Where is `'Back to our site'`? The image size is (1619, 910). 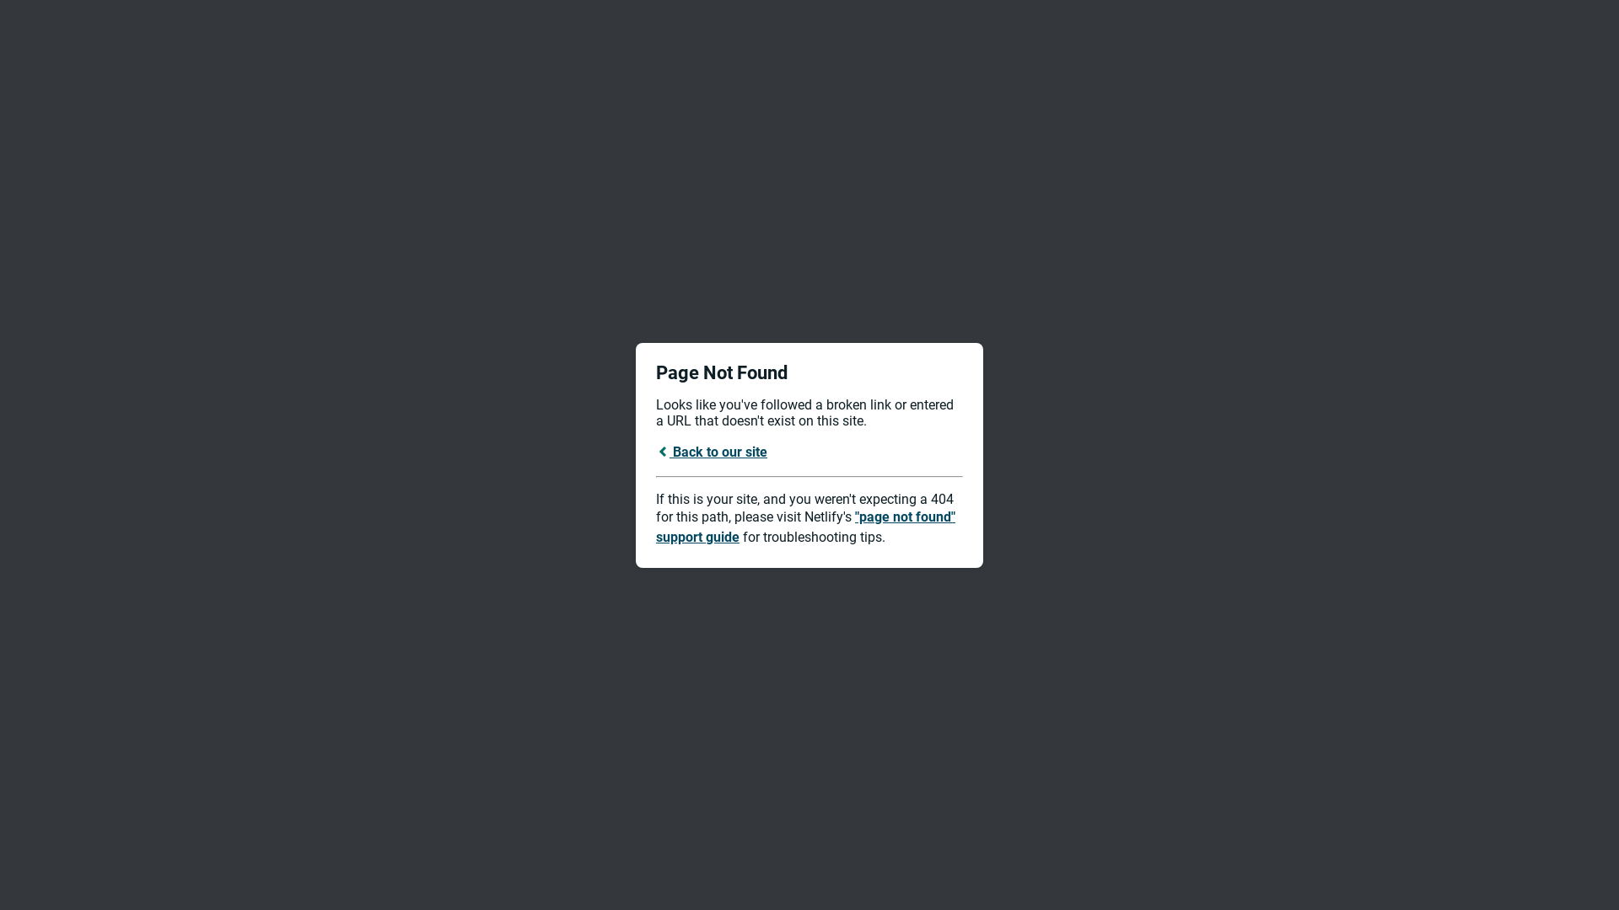
'Back to our site' is located at coordinates (712, 450).